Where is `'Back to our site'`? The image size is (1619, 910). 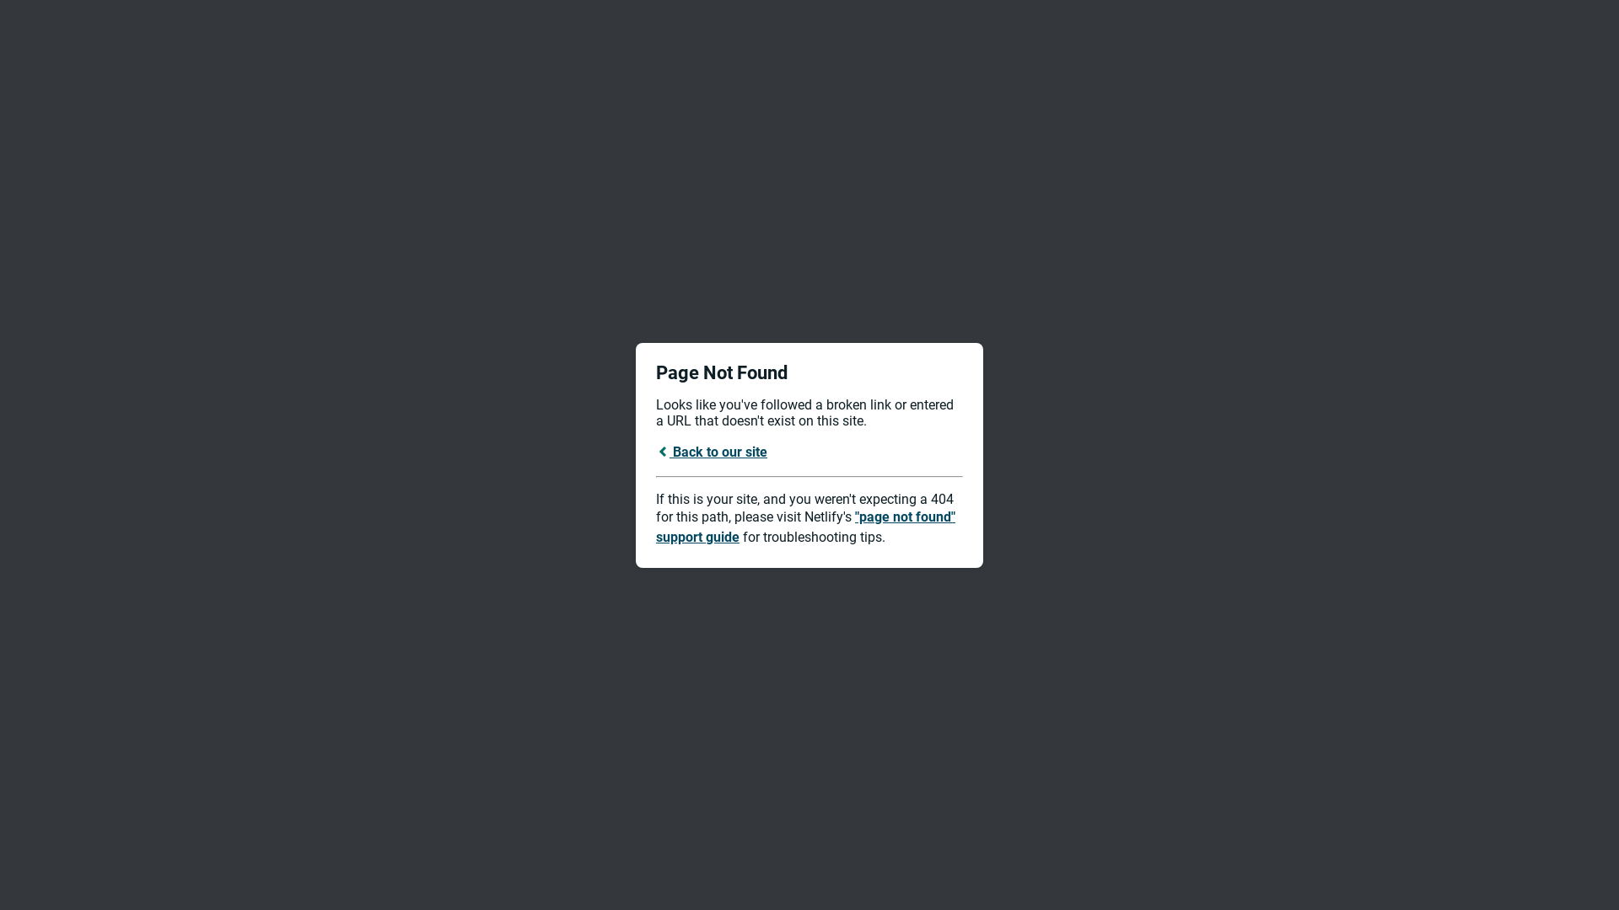
'Back to our site' is located at coordinates (712, 450).